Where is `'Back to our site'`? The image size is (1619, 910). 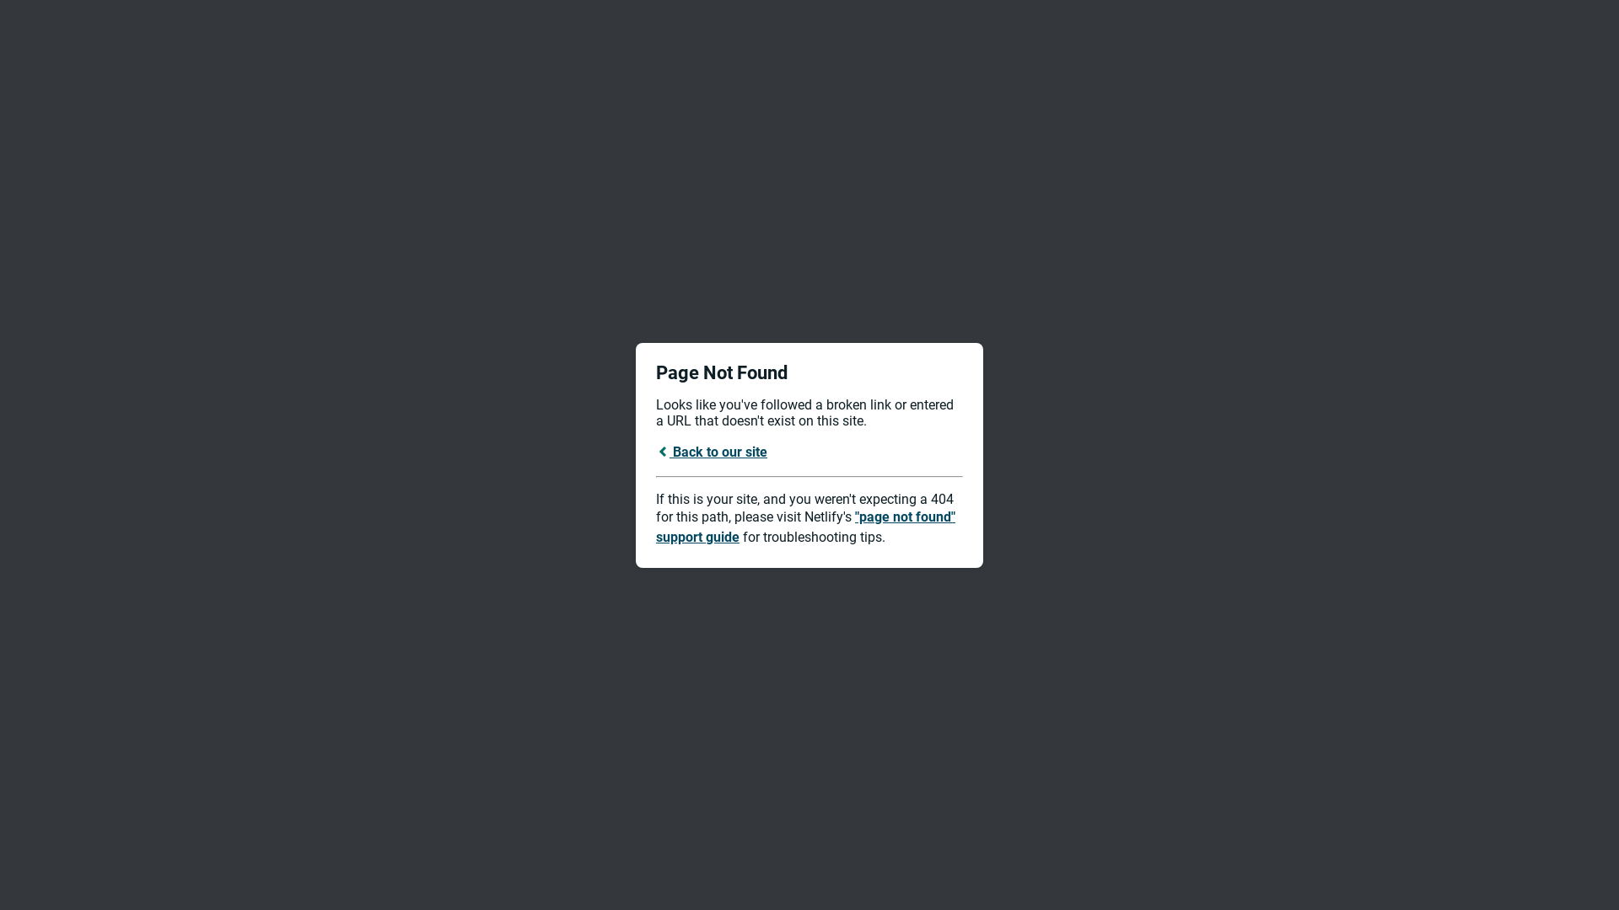
'Back to our site' is located at coordinates (712, 450).